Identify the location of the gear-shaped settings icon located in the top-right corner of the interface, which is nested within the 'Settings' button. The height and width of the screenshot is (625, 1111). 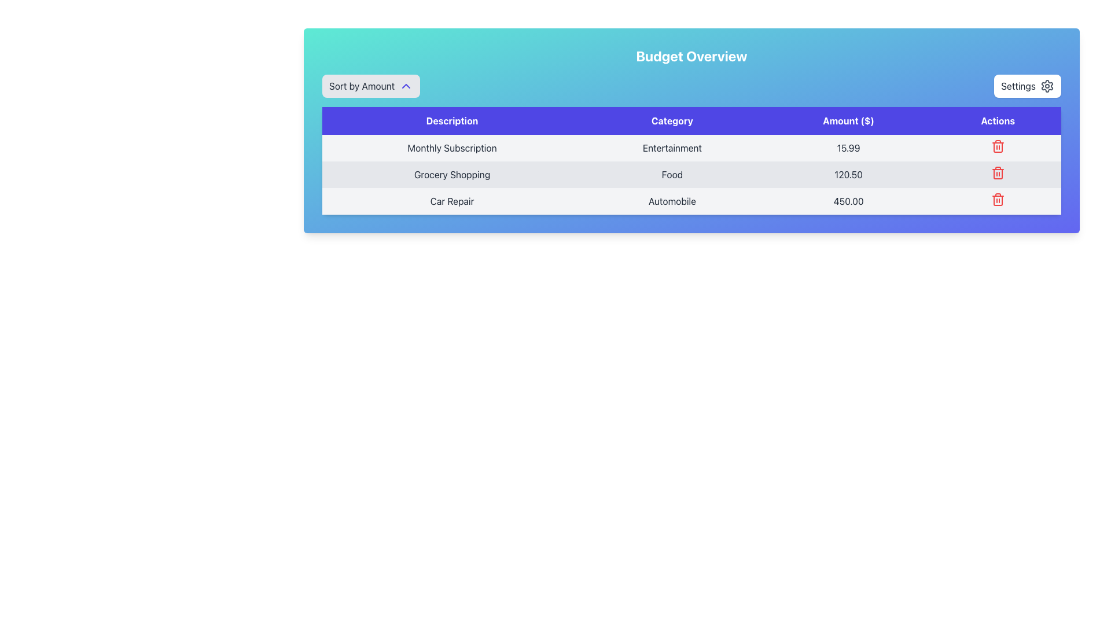
(1047, 86).